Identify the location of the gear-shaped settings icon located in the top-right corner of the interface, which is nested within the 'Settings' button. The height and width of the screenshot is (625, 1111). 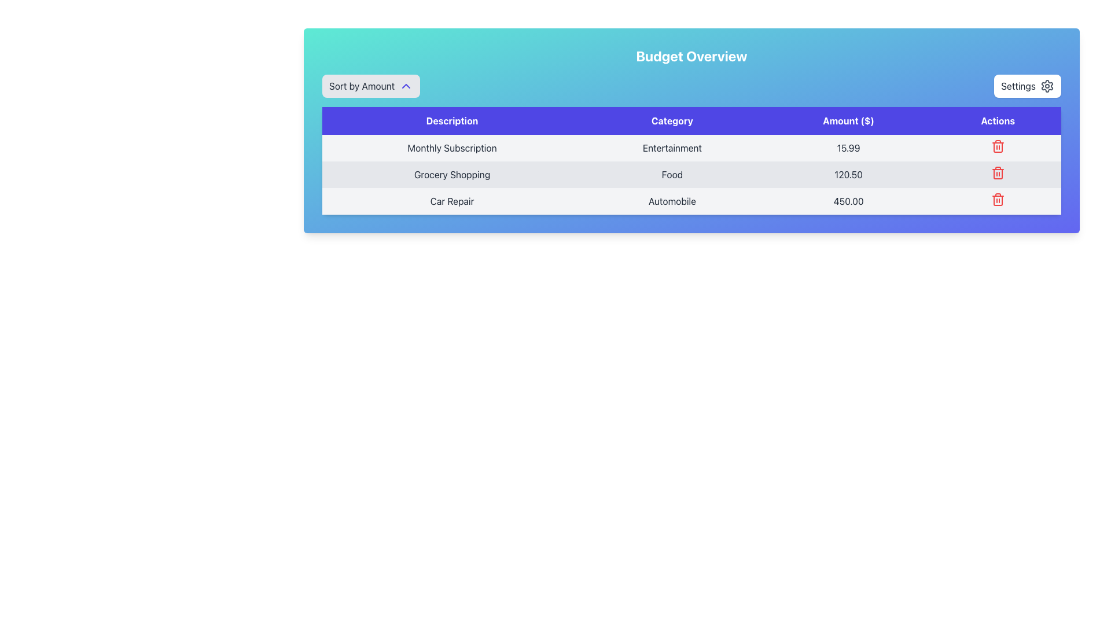
(1047, 86).